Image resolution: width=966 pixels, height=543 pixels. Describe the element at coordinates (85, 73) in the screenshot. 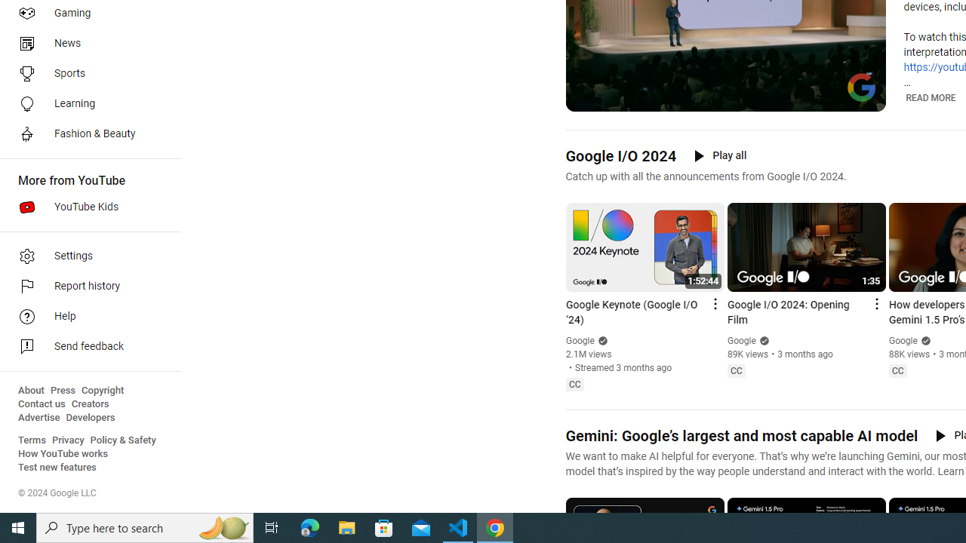

I see `'Sports'` at that location.